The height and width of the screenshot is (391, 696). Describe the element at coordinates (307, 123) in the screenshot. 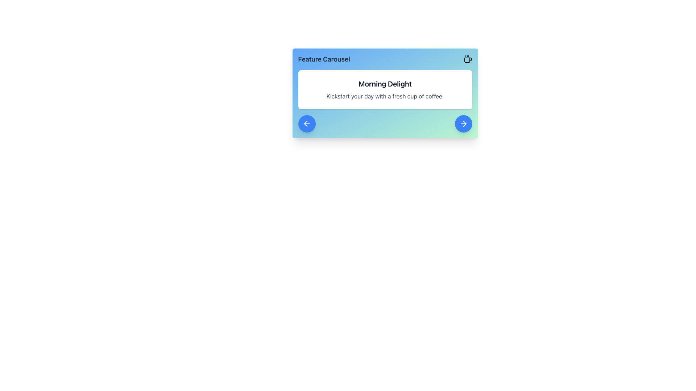

I see `the circular blue button with a white left-facing arrow icon` at that location.